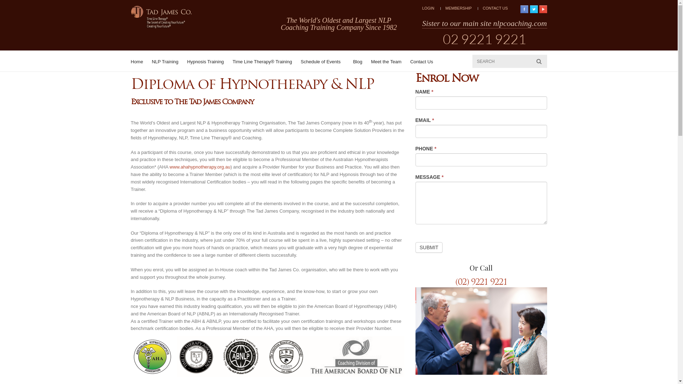 Image resolution: width=683 pixels, height=384 pixels. What do you see at coordinates (386, 61) in the screenshot?
I see `'Meet the Team'` at bounding box center [386, 61].